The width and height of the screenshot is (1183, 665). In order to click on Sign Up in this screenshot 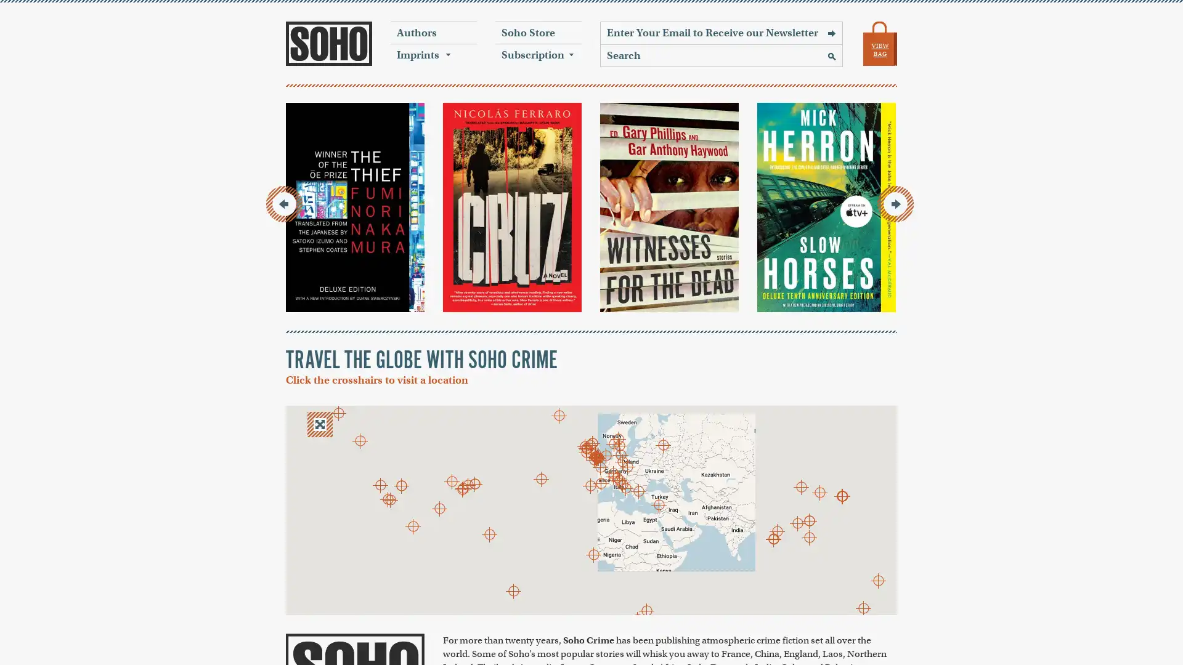, I will do `click(831, 32)`.